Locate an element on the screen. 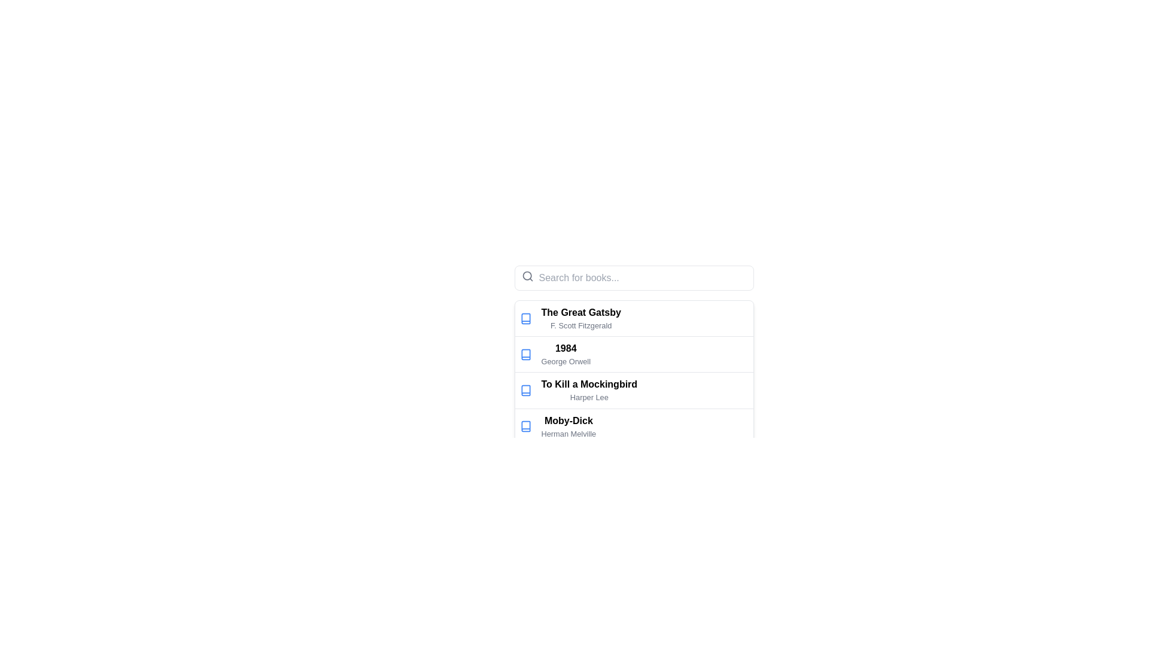 The image size is (1149, 646). the blue book icon located to the left of the text '1984' by George Orwell is located at coordinates (525, 354).